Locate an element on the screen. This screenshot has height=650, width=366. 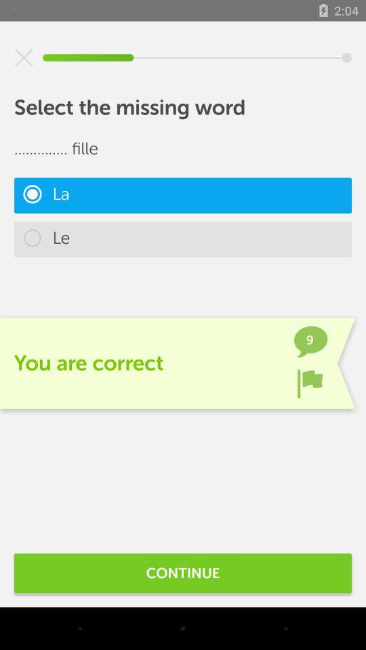
la item is located at coordinates (183, 194).